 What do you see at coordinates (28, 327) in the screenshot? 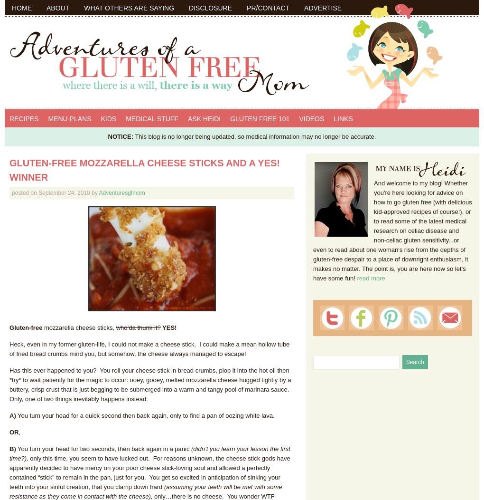
I see `'luten-free'` at bounding box center [28, 327].